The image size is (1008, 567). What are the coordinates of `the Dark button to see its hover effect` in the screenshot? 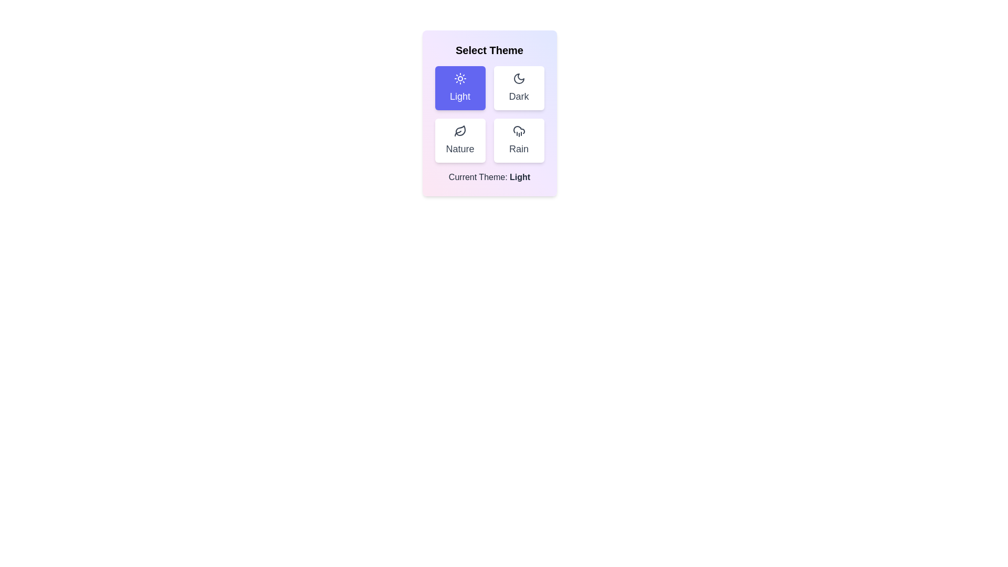 It's located at (519, 88).